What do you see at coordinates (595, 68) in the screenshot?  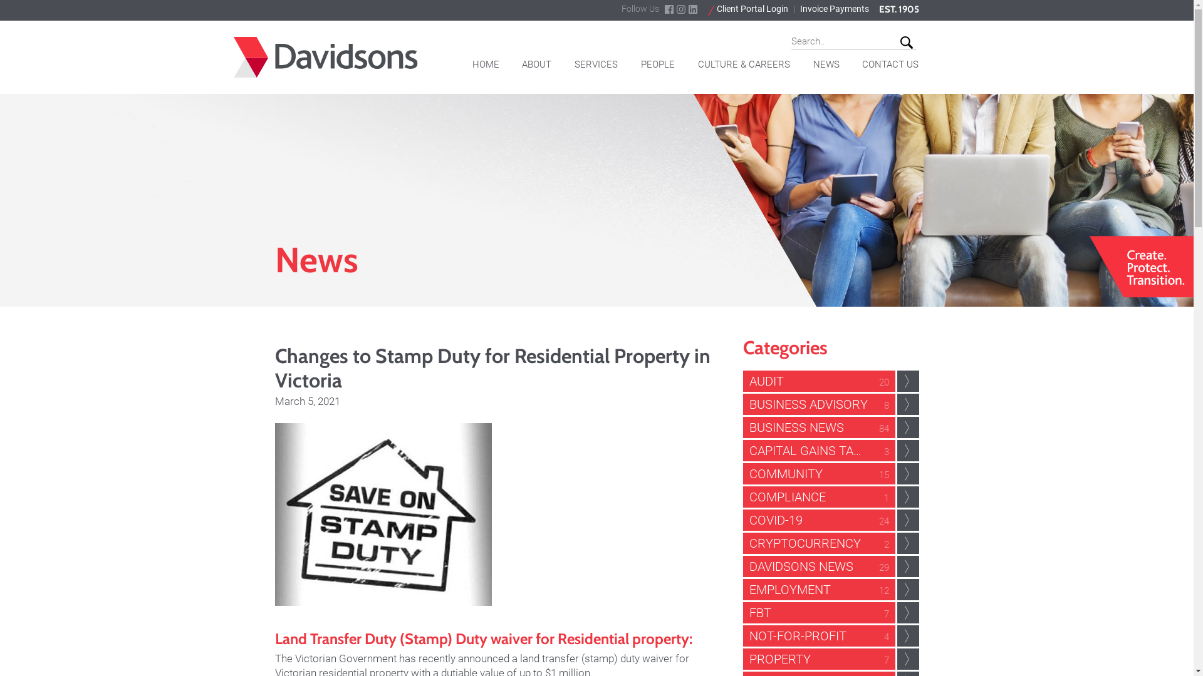 I see `'SERVICES'` at bounding box center [595, 68].